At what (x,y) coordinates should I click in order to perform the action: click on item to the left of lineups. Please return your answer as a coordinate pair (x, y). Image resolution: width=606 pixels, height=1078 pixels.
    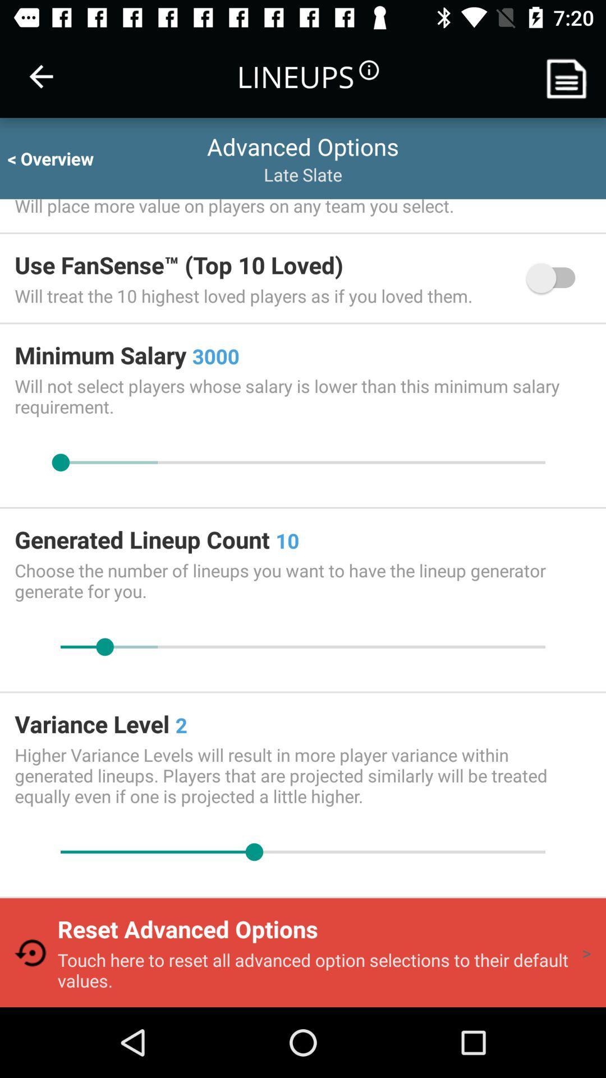
    Looking at the image, I should click on (40, 76).